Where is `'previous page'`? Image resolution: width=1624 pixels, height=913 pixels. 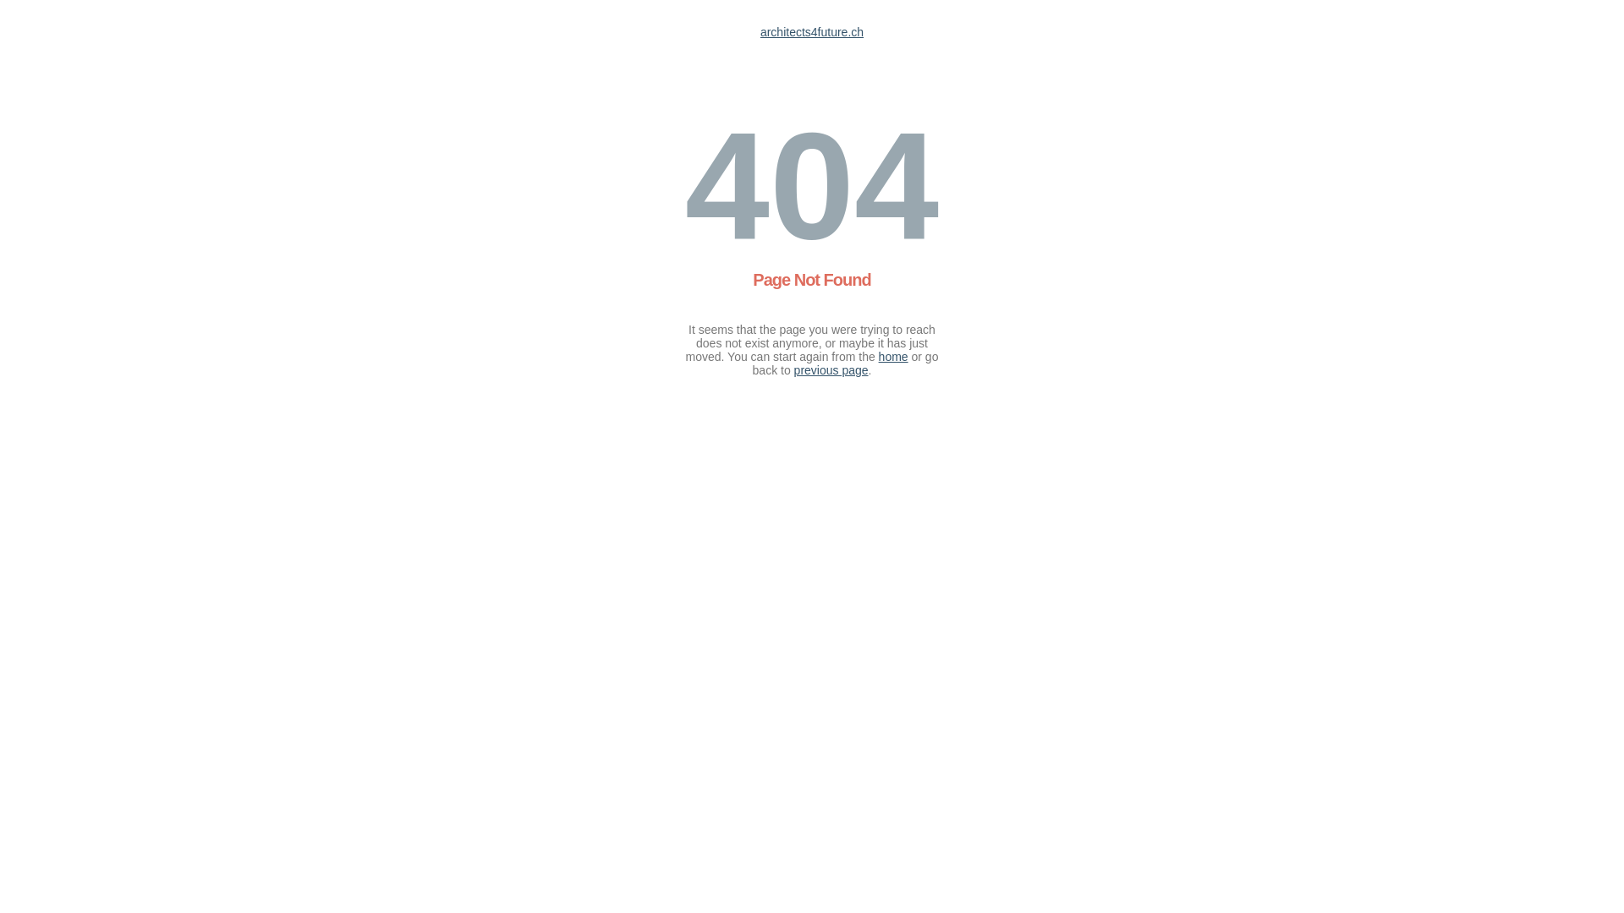 'previous page' is located at coordinates (831, 369).